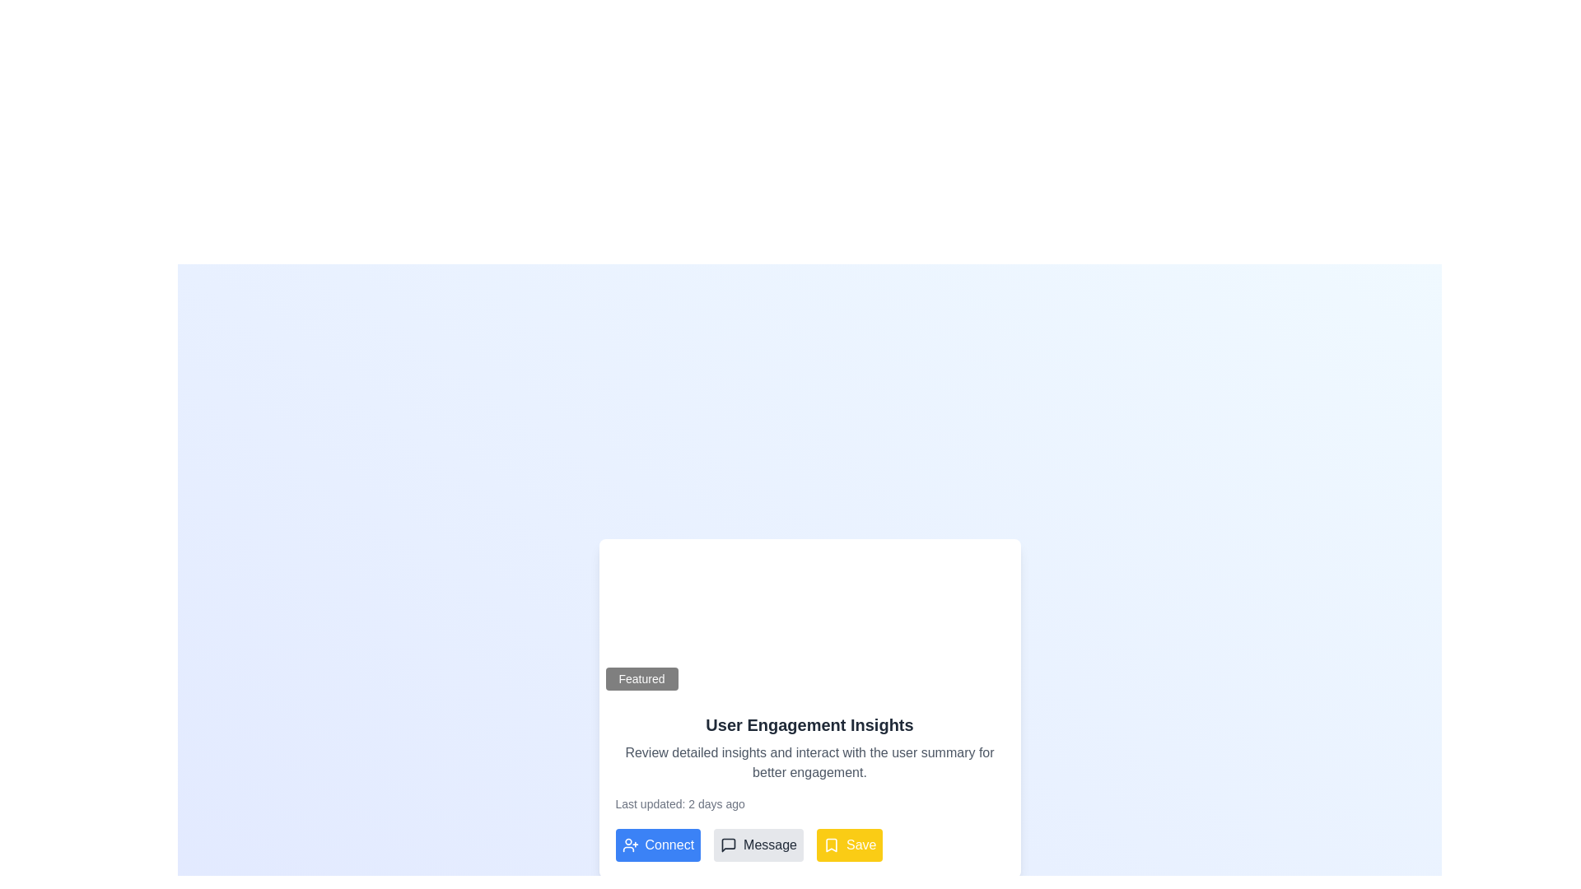  What do you see at coordinates (657, 845) in the screenshot?
I see `the first button from the left in the horizontal group of three buttons below the headline 'User Engagement Insights' to prepare for selection` at bounding box center [657, 845].